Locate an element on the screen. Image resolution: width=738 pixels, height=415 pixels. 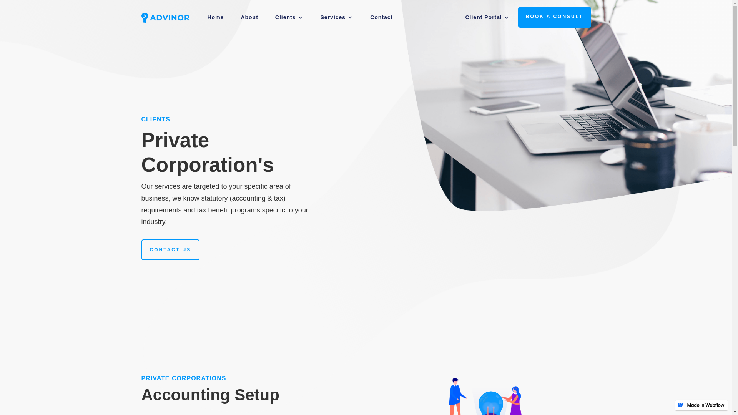
'CONTACT US' is located at coordinates (170, 250).